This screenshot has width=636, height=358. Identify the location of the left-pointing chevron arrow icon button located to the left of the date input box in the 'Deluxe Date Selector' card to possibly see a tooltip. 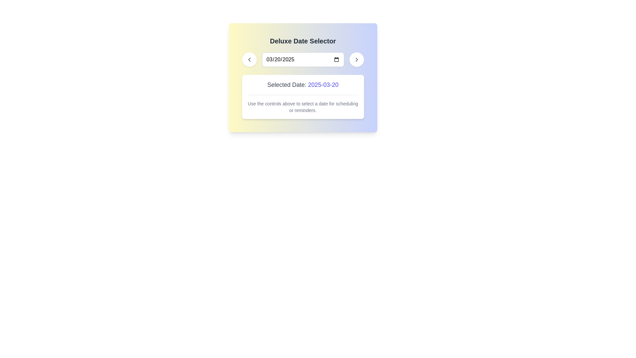
(249, 60).